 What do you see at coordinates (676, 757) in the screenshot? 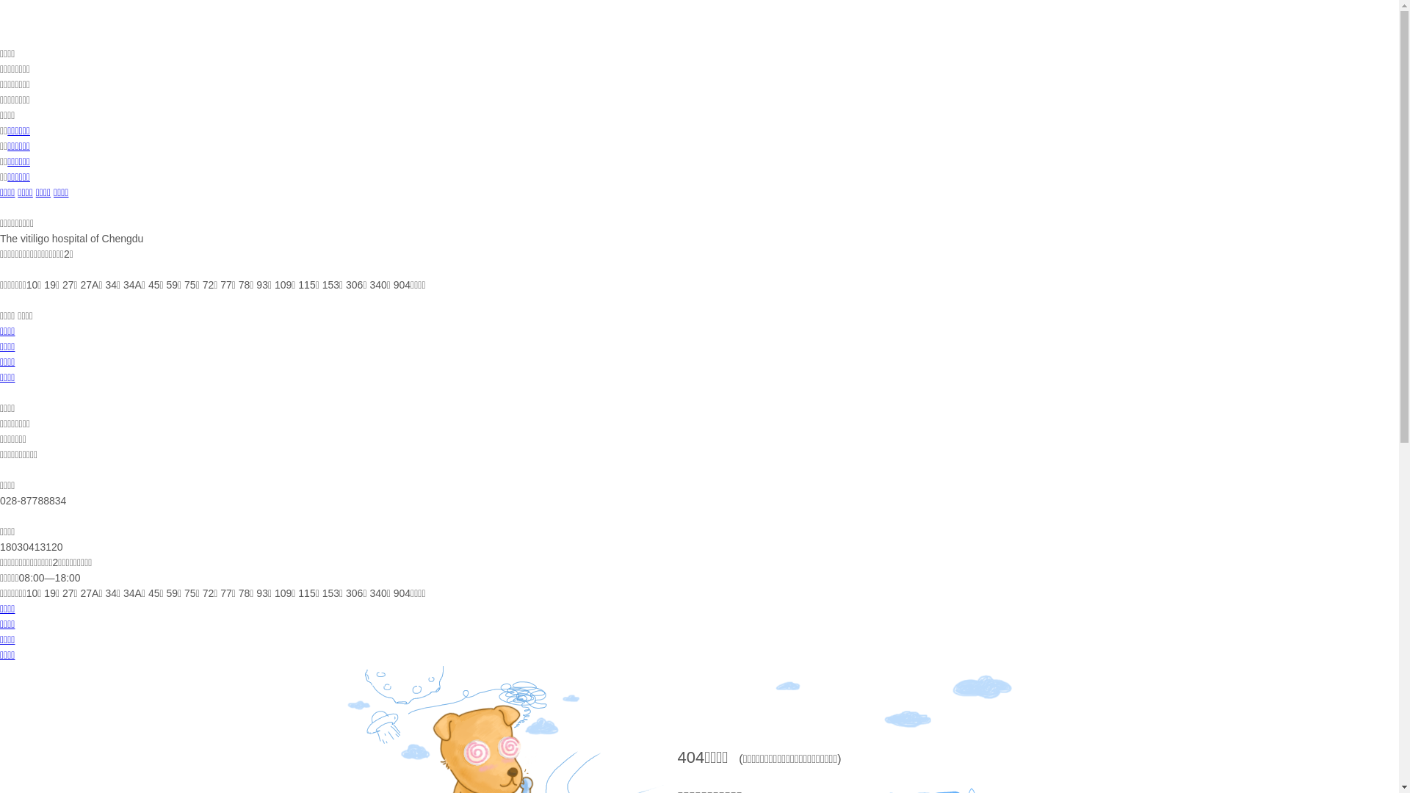
I see `'404'` at bounding box center [676, 757].